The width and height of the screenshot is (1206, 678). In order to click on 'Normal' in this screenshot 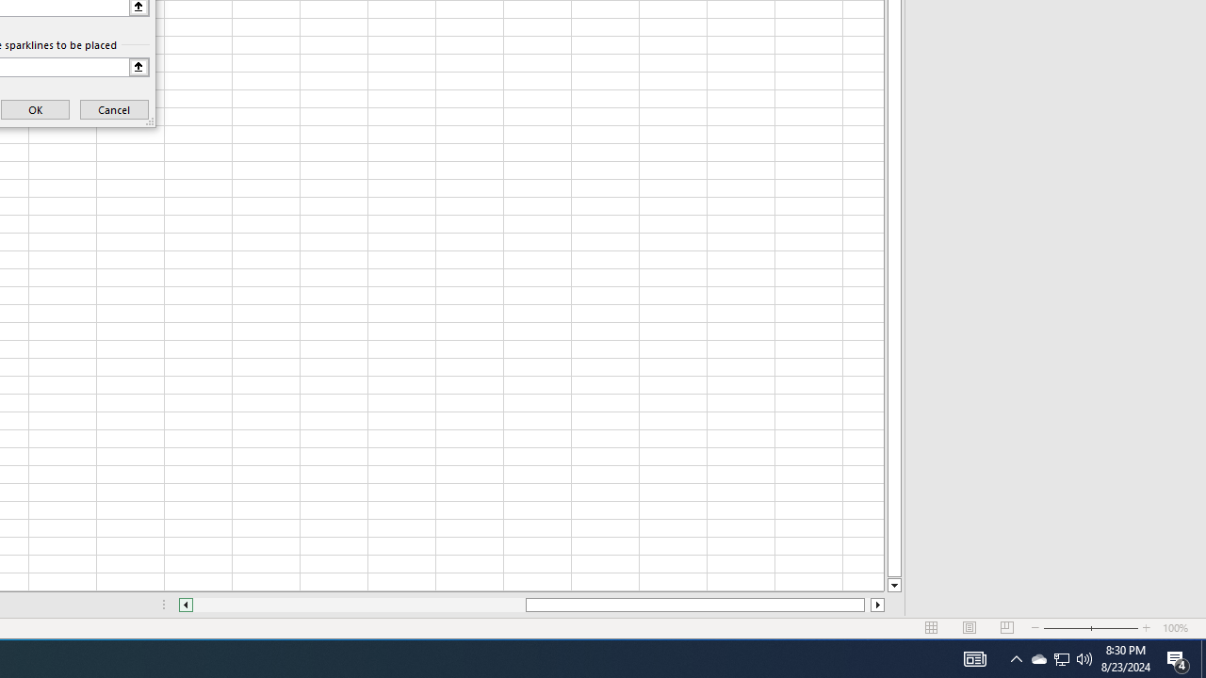, I will do `click(931, 628)`.